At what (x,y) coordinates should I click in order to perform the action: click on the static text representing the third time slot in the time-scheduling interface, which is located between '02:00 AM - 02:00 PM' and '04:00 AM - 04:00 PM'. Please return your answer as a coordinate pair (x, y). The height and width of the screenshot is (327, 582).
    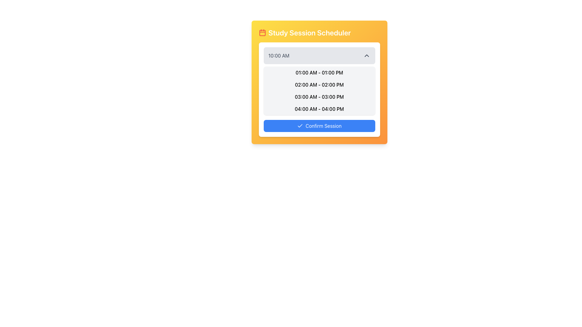
    Looking at the image, I should click on (319, 97).